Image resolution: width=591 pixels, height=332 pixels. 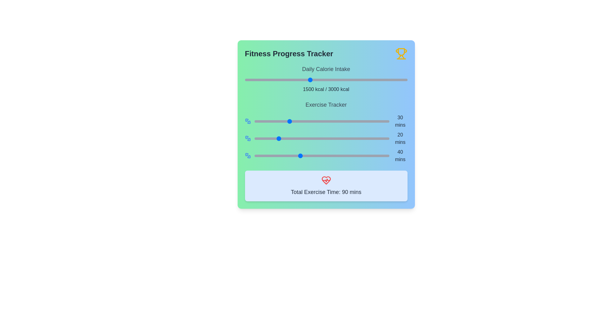 I want to click on the exercise time, so click(x=275, y=155).